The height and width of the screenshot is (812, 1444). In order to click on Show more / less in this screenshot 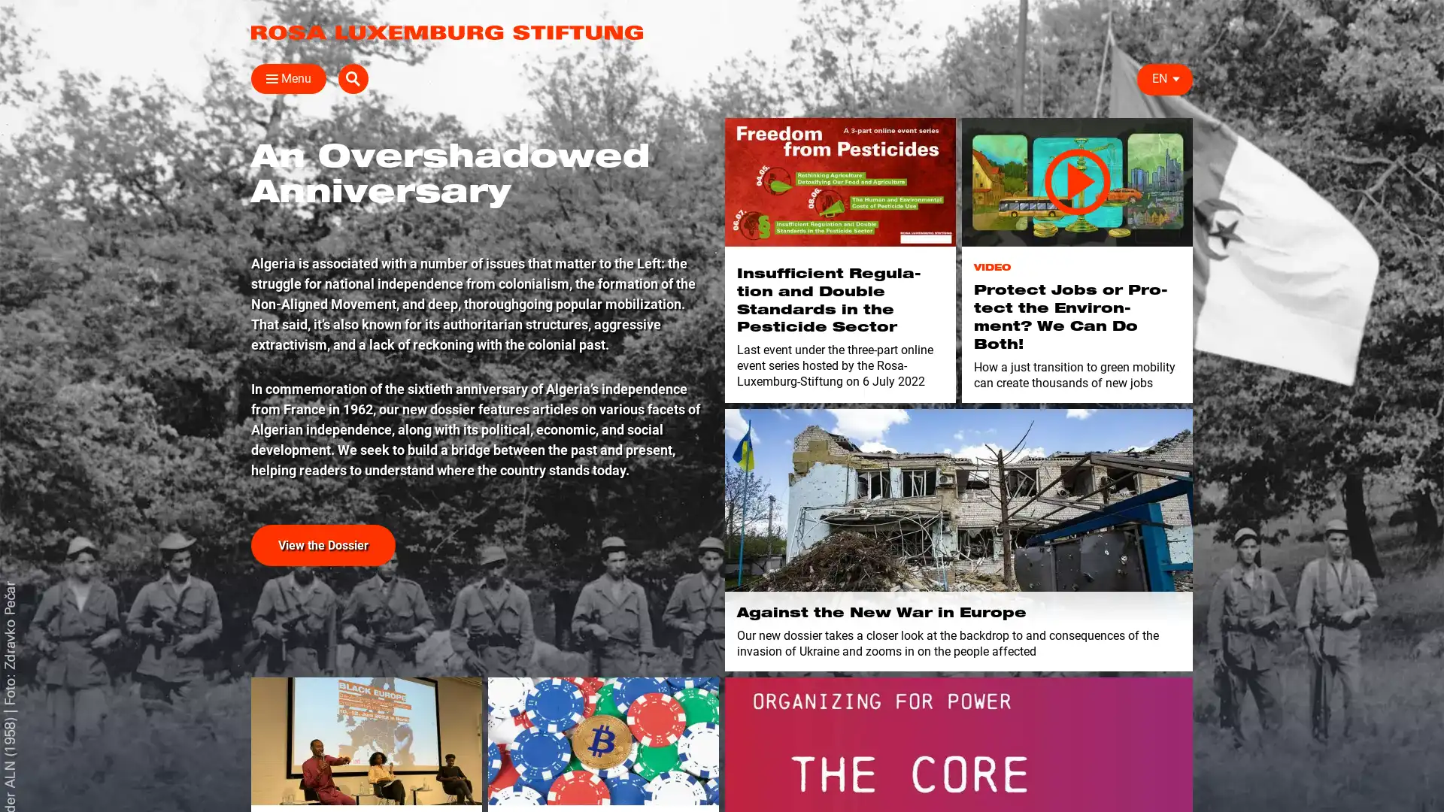, I will do `click(866, 273)`.